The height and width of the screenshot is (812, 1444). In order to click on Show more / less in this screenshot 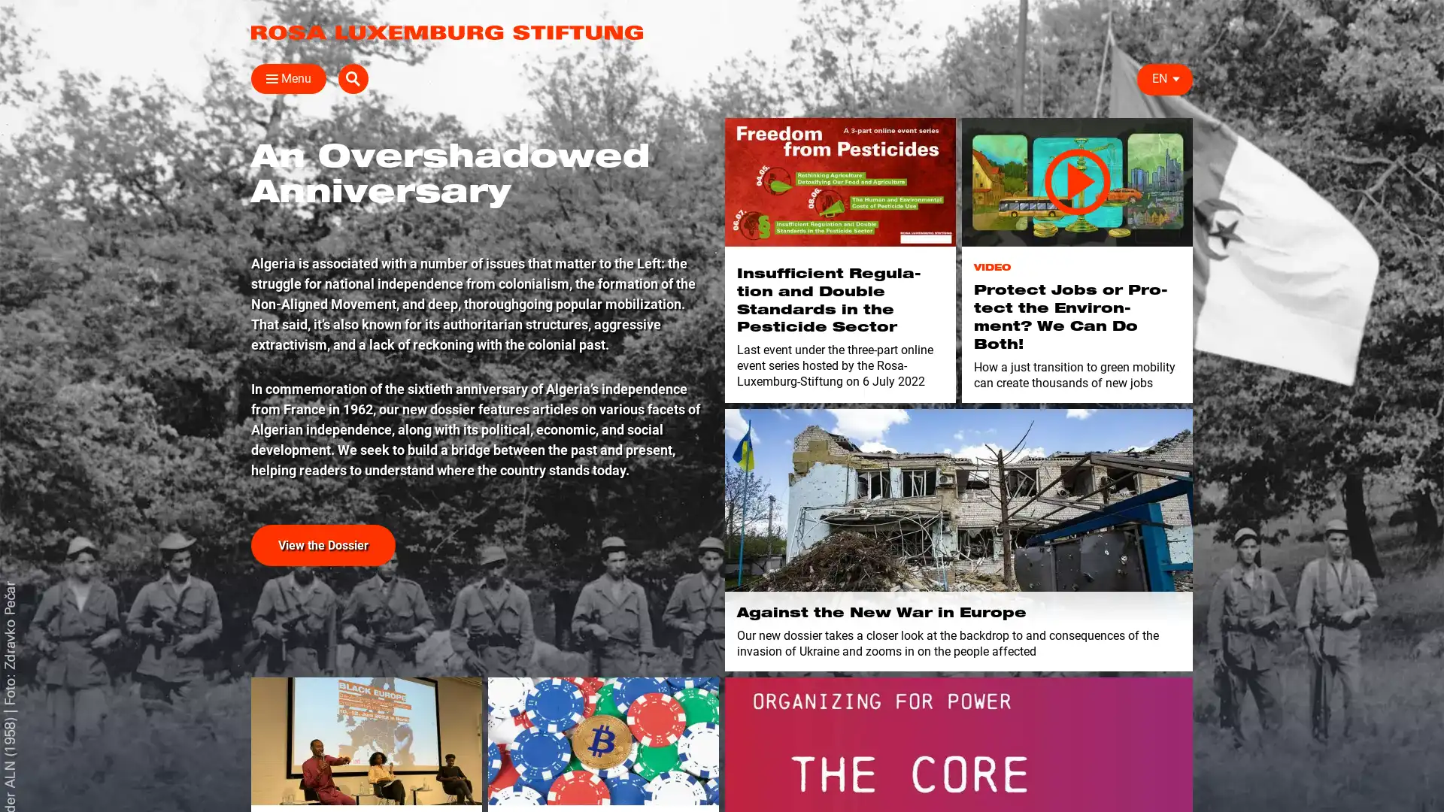, I will do `click(866, 273)`.